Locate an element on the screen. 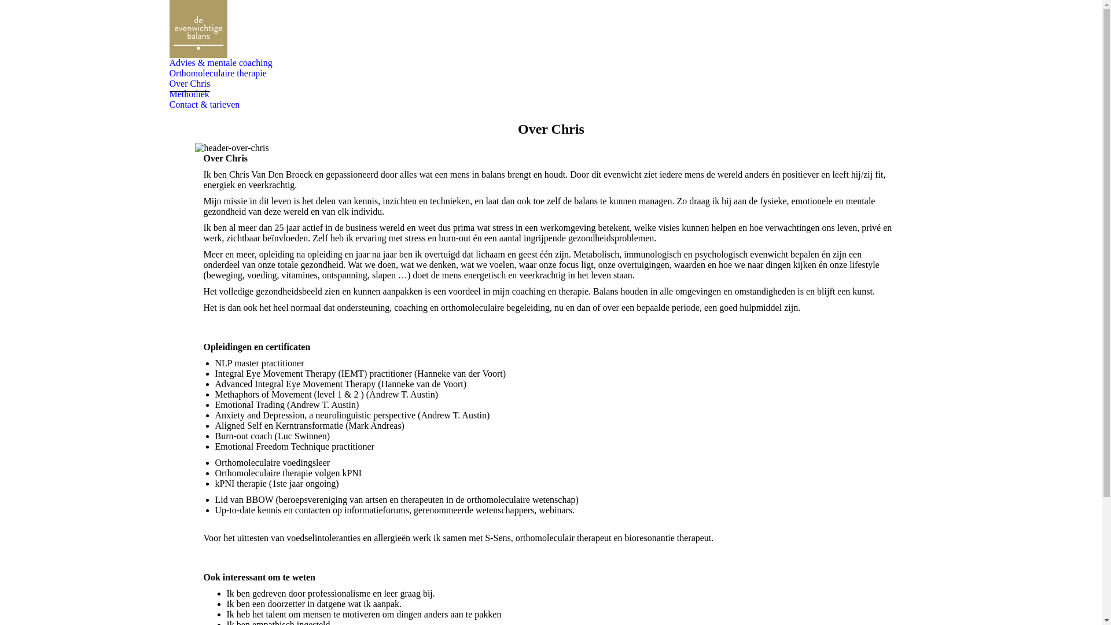 This screenshot has width=1111, height=625. 'Contact & tarieven' is located at coordinates (204, 105).